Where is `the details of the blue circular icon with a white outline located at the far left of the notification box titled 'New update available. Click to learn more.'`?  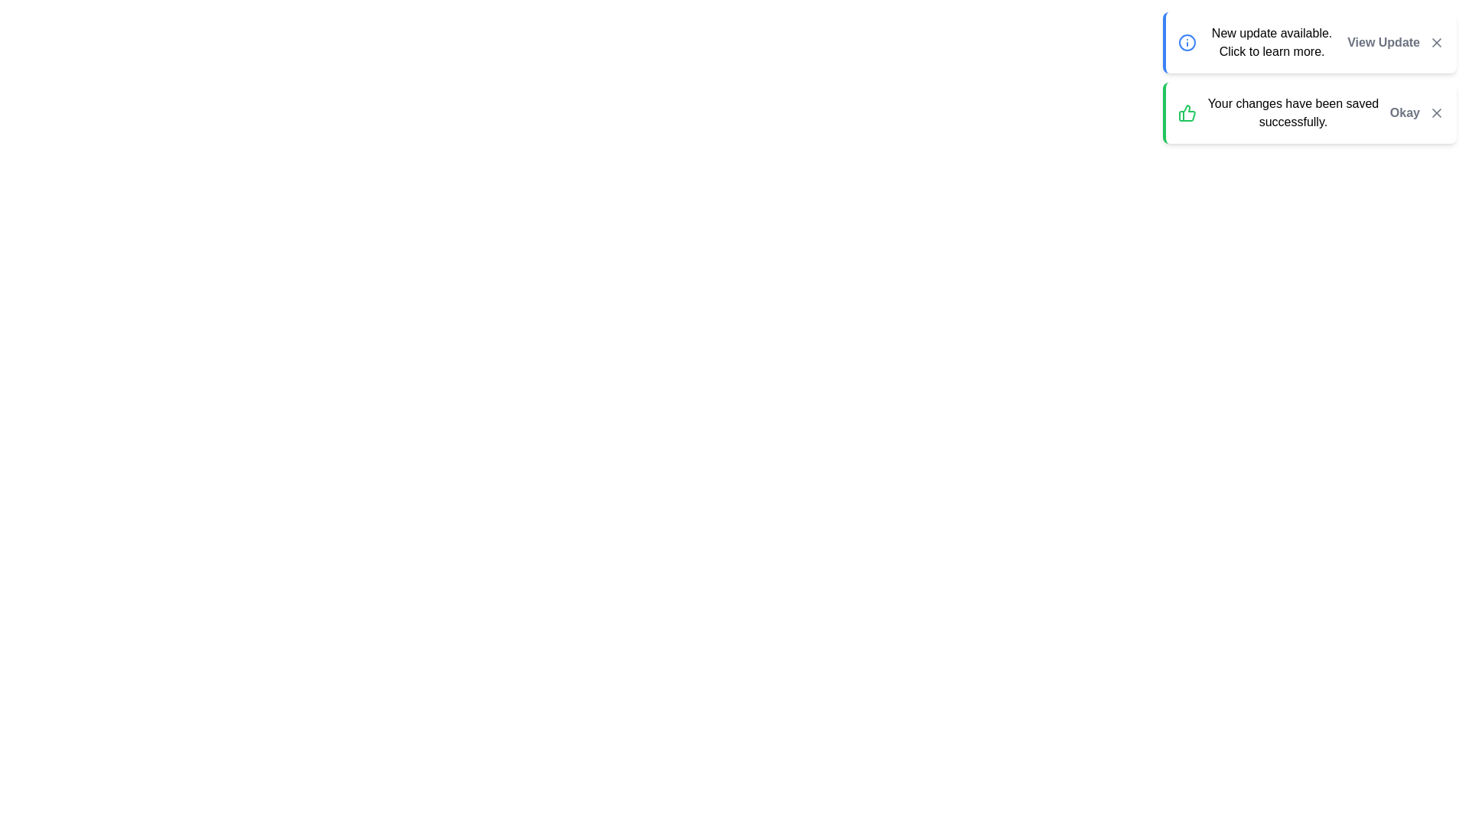
the details of the blue circular icon with a white outline located at the far left of the notification box titled 'New update available. Click to learn more.' is located at coordinates (1186, 42).